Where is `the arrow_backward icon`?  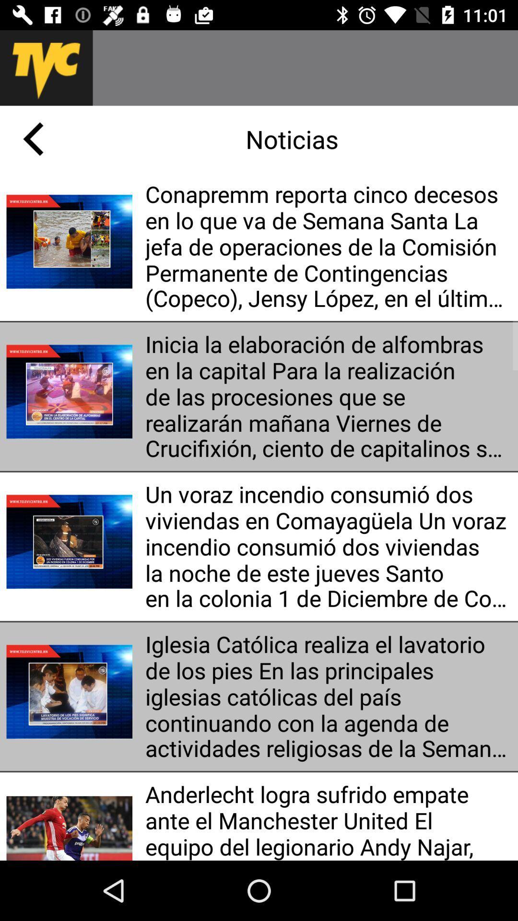 the arrow_backward icon is located at coordinates (33, 138).